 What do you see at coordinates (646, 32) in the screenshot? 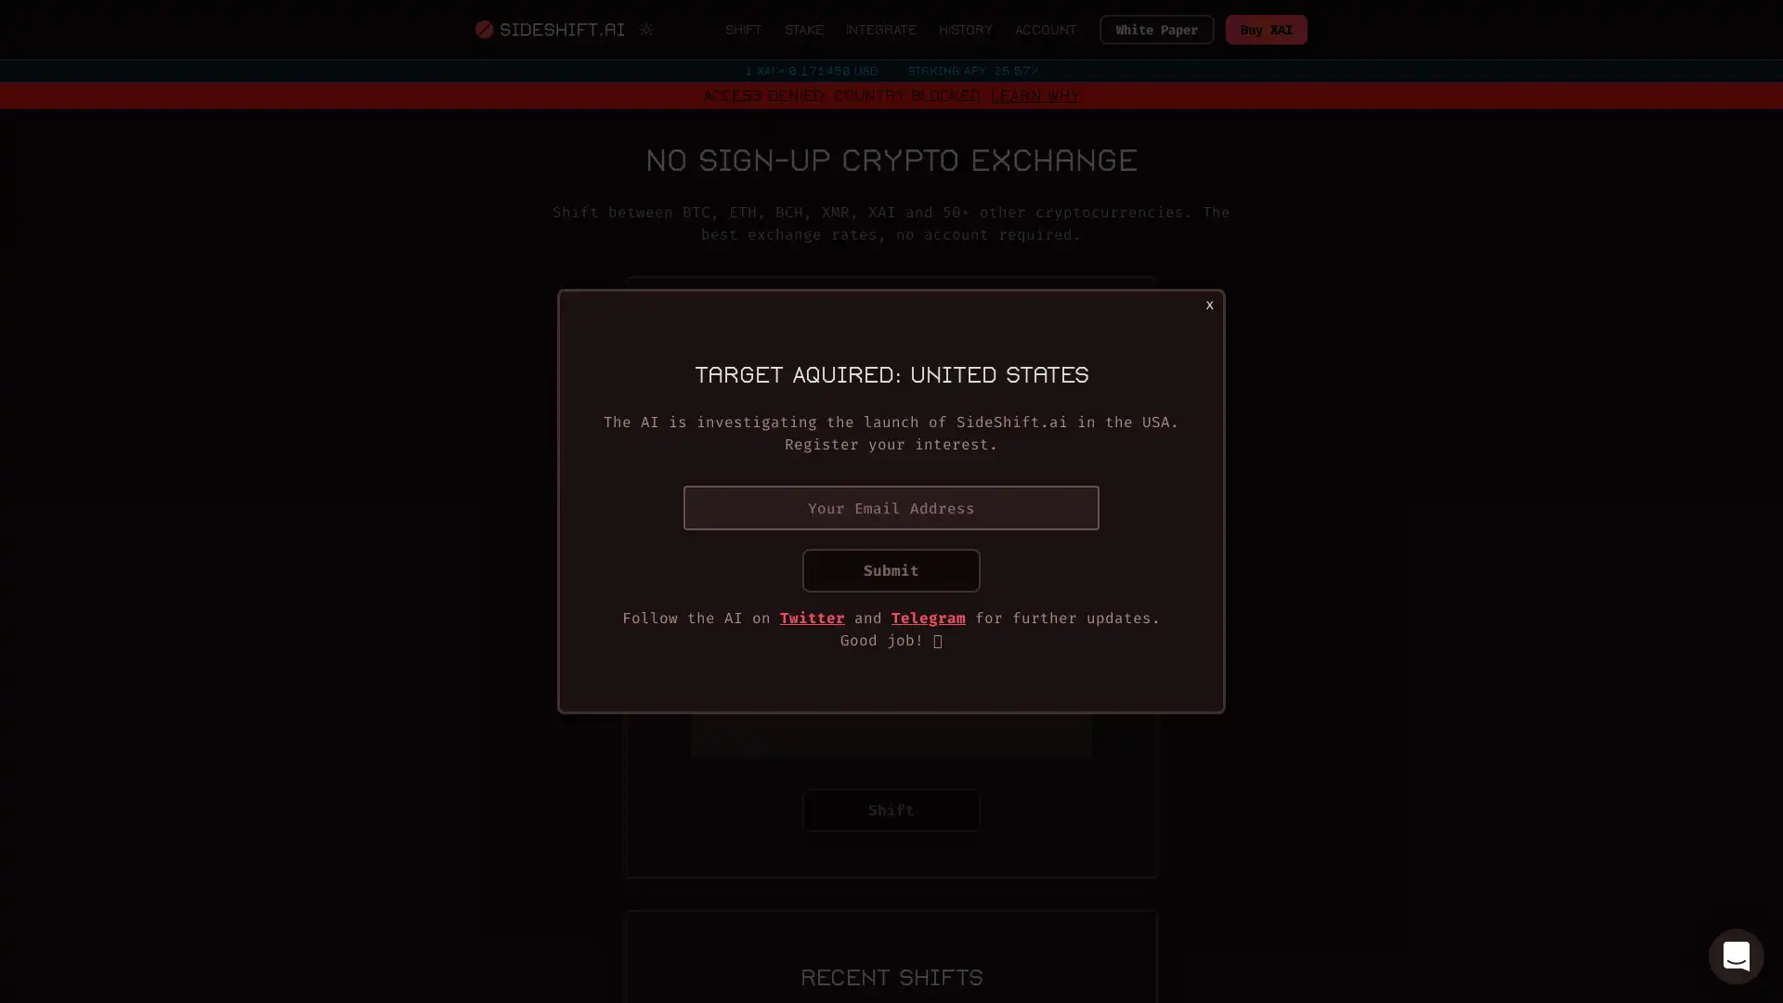
I see `Switch to light` at bounding box center [646, 32].